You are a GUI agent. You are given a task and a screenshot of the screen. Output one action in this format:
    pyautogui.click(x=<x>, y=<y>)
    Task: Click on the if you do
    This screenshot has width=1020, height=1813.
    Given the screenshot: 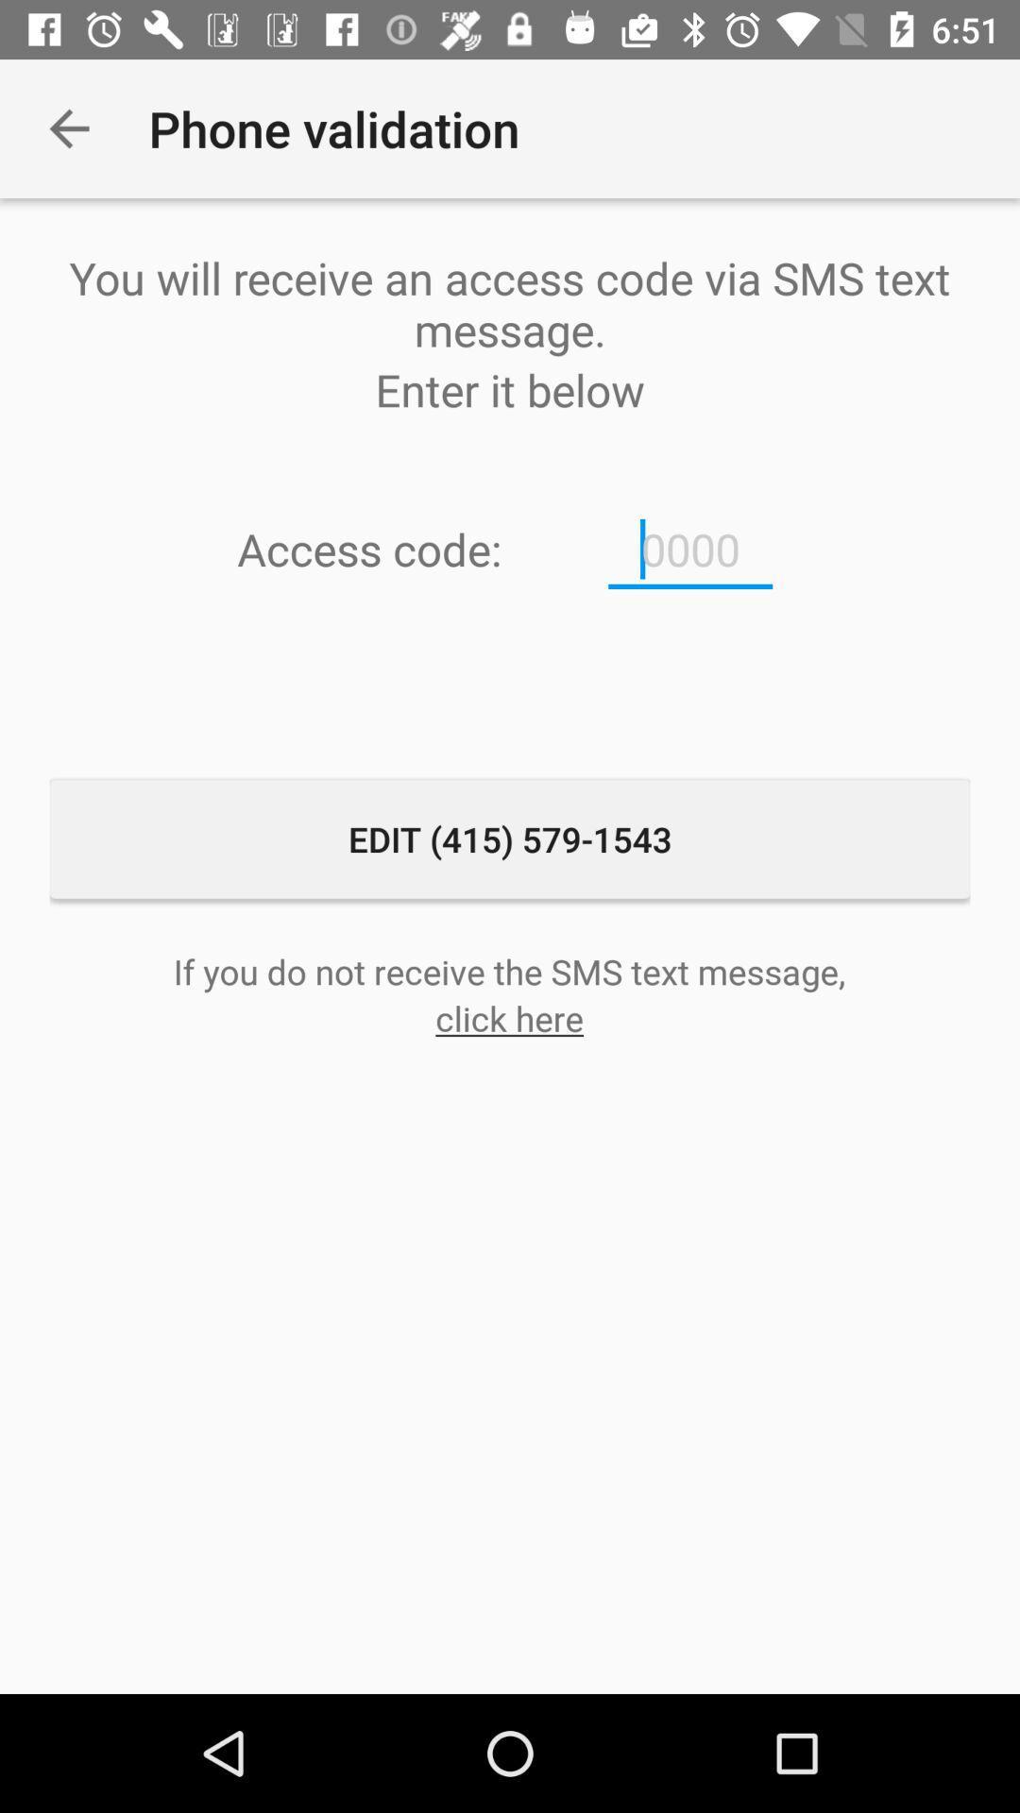 What is the action you would take?
    pyautogui.click(x=508, y=971)
    